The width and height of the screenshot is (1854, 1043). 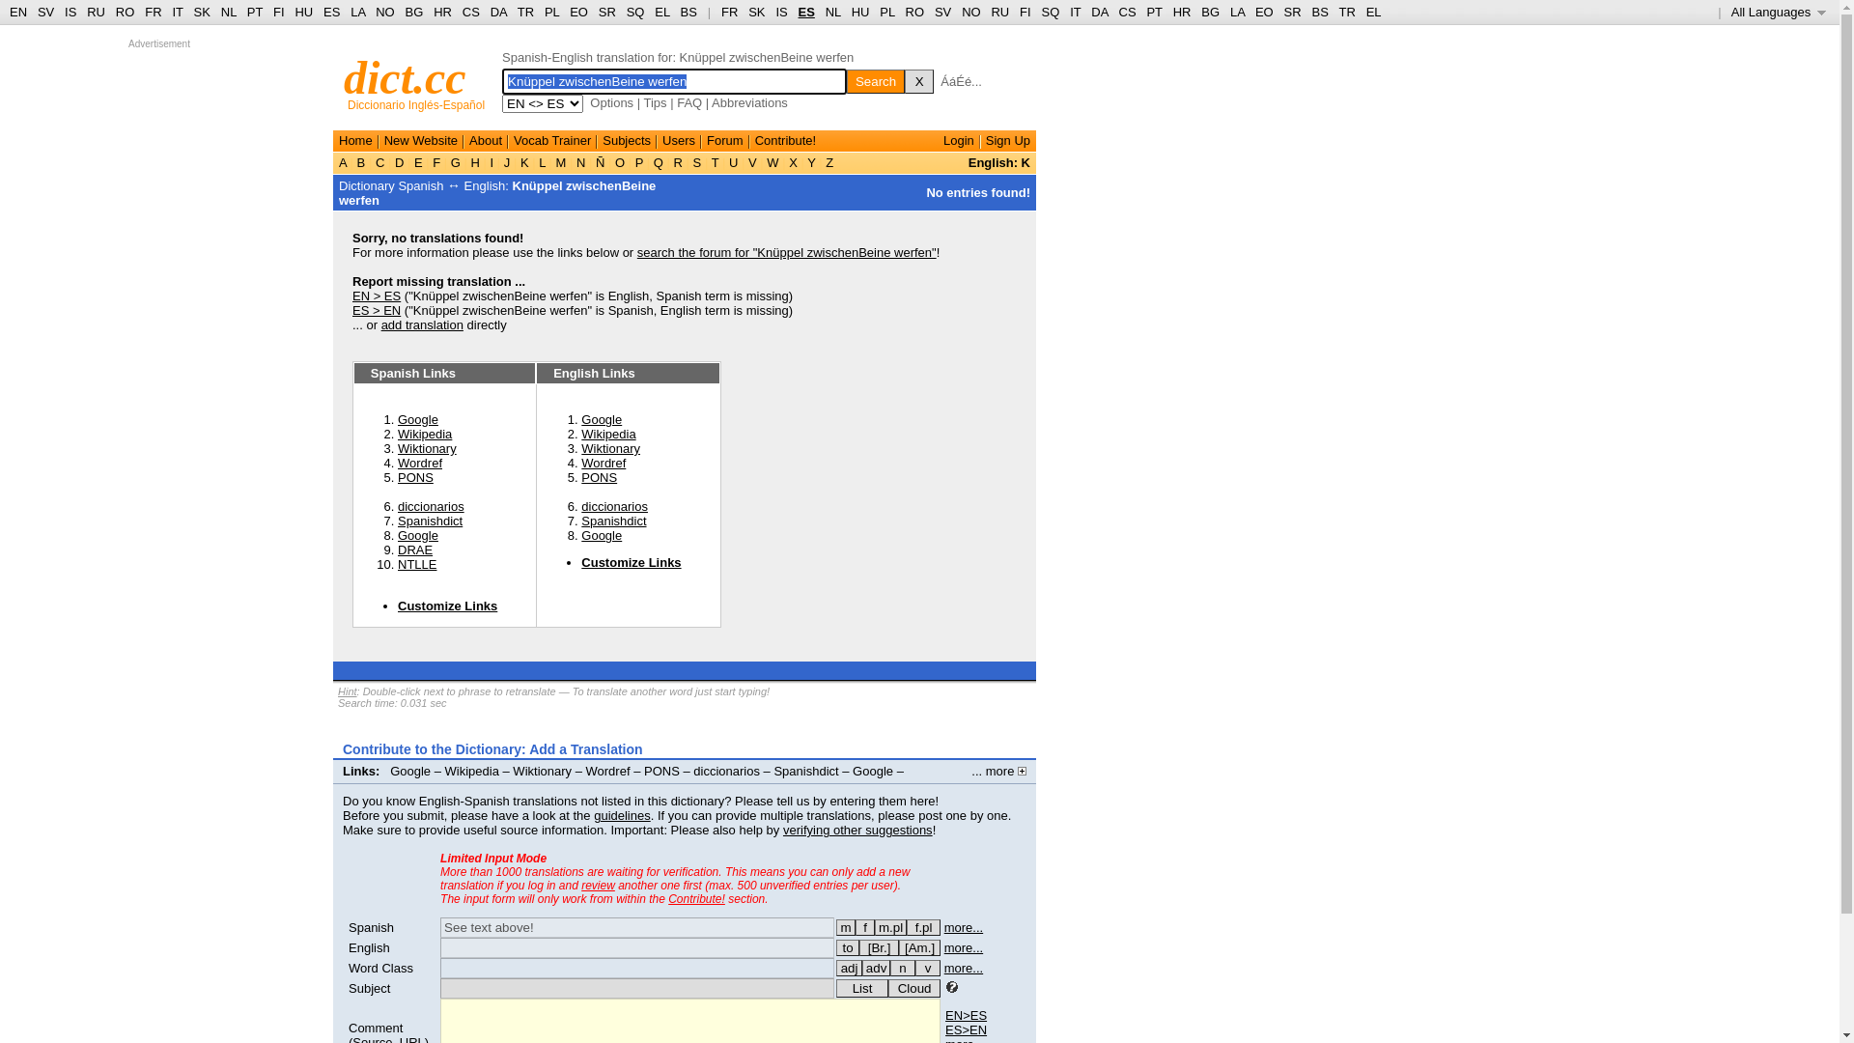 What do you see at coordinates (945, 1014) in the screenshot?
I see `'EN>ES'` at bounding box center [945, 1014].